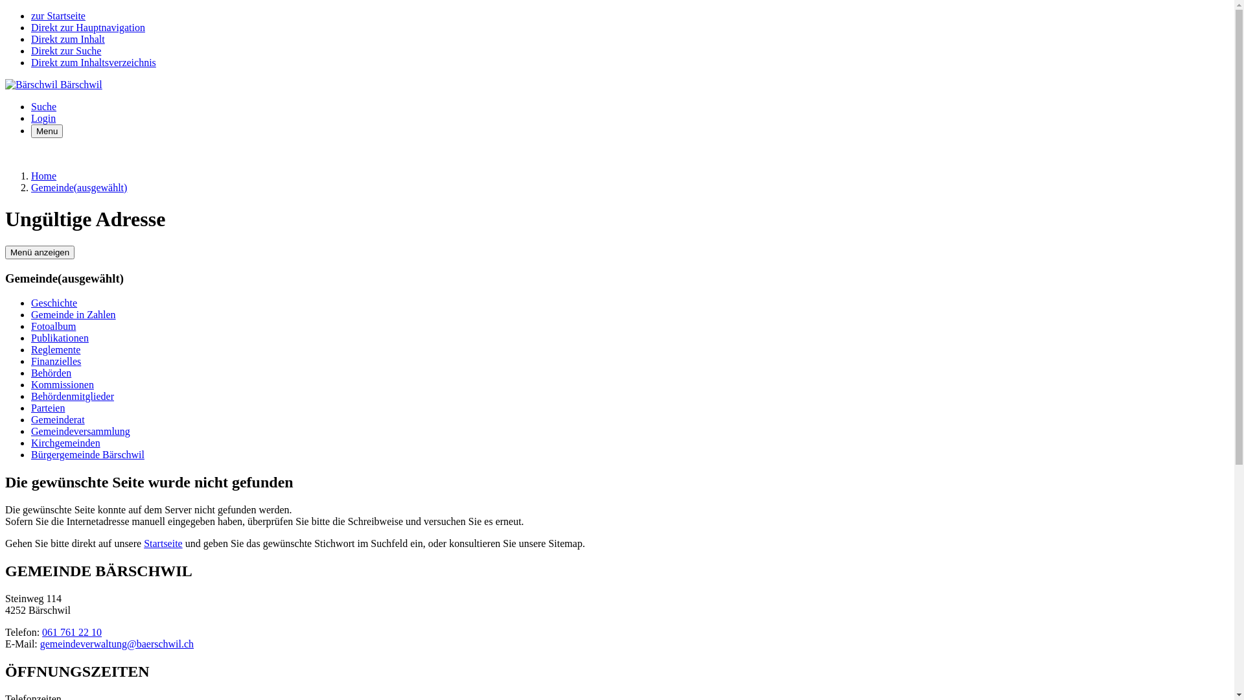 Image resolution: width=1244 pixels, height=700 pixels. What do you see at coordinates (87, 27) in the screenshot?
I see `'Direkt zur Hauptnavigation'` at bounding box center [87, 27].